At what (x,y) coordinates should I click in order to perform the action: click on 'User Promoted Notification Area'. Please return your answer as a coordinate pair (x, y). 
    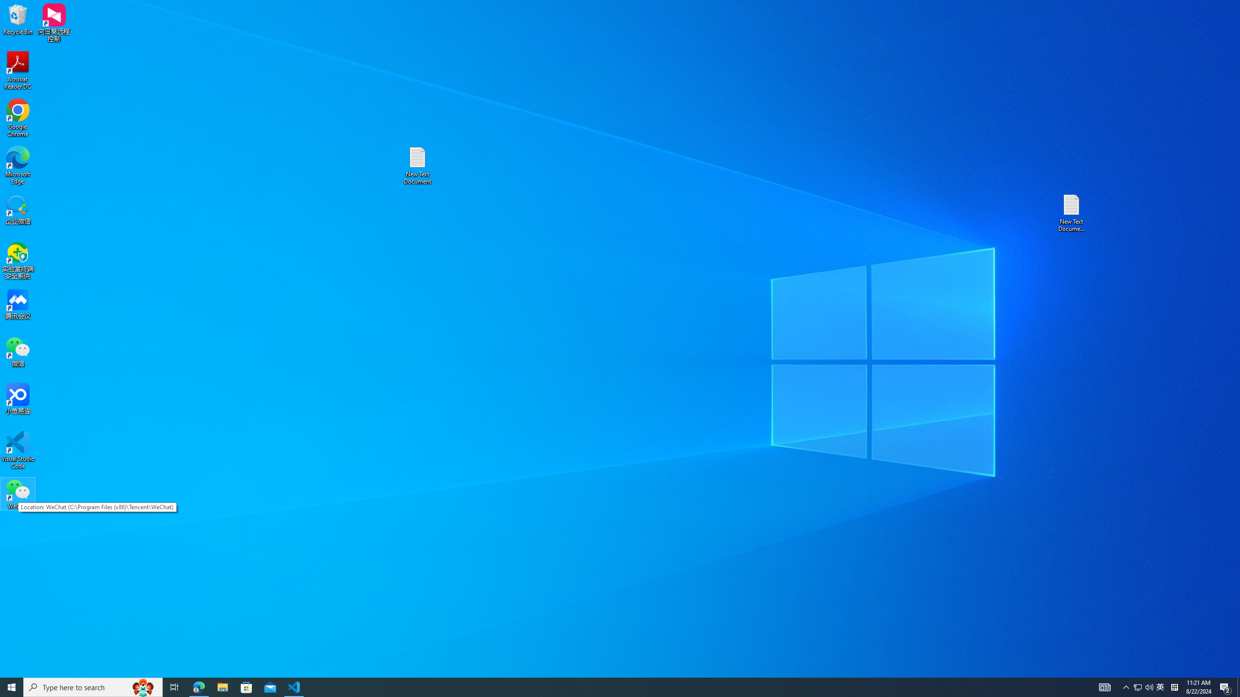
    Looking at the image, I should click on (1143, 686).